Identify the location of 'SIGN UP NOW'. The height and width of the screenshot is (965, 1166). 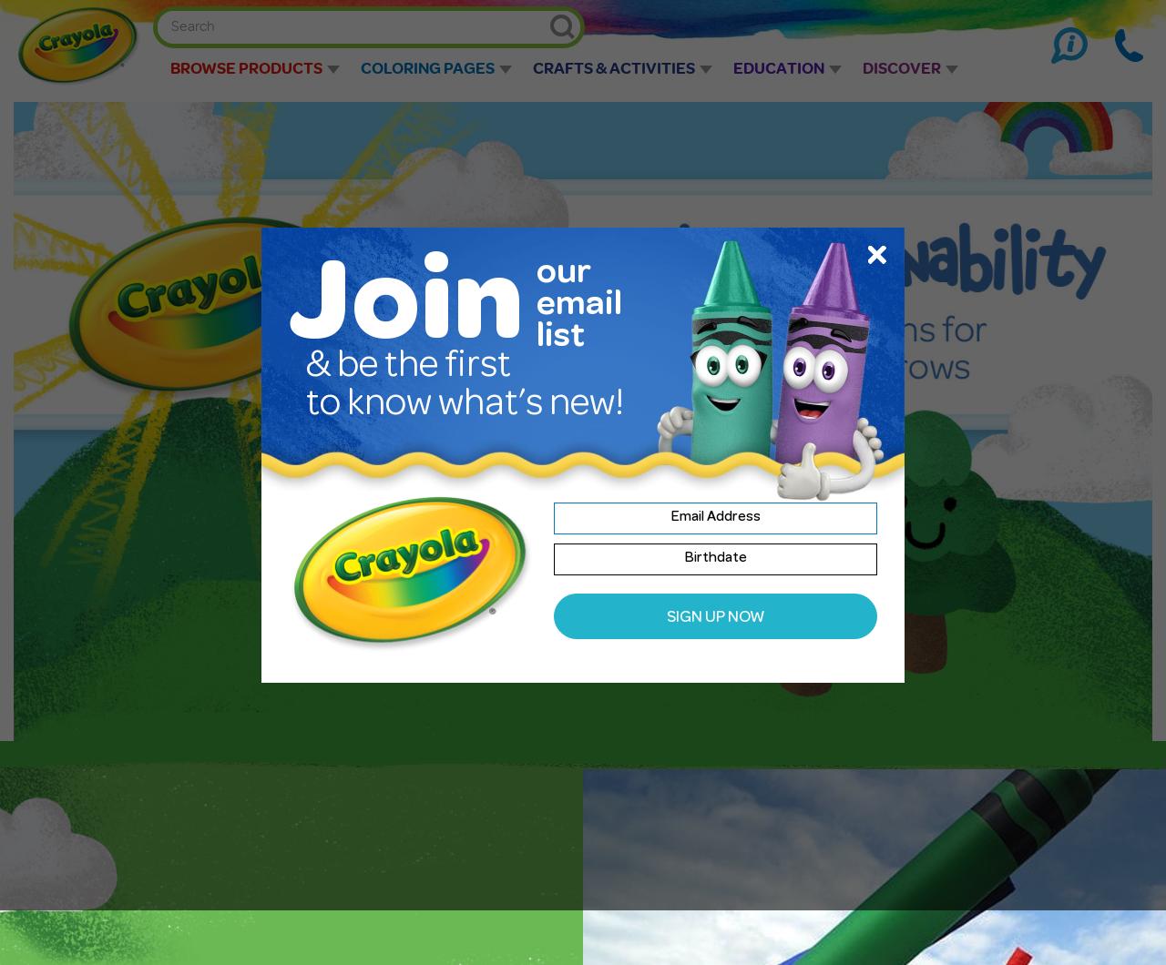
(714, 617).